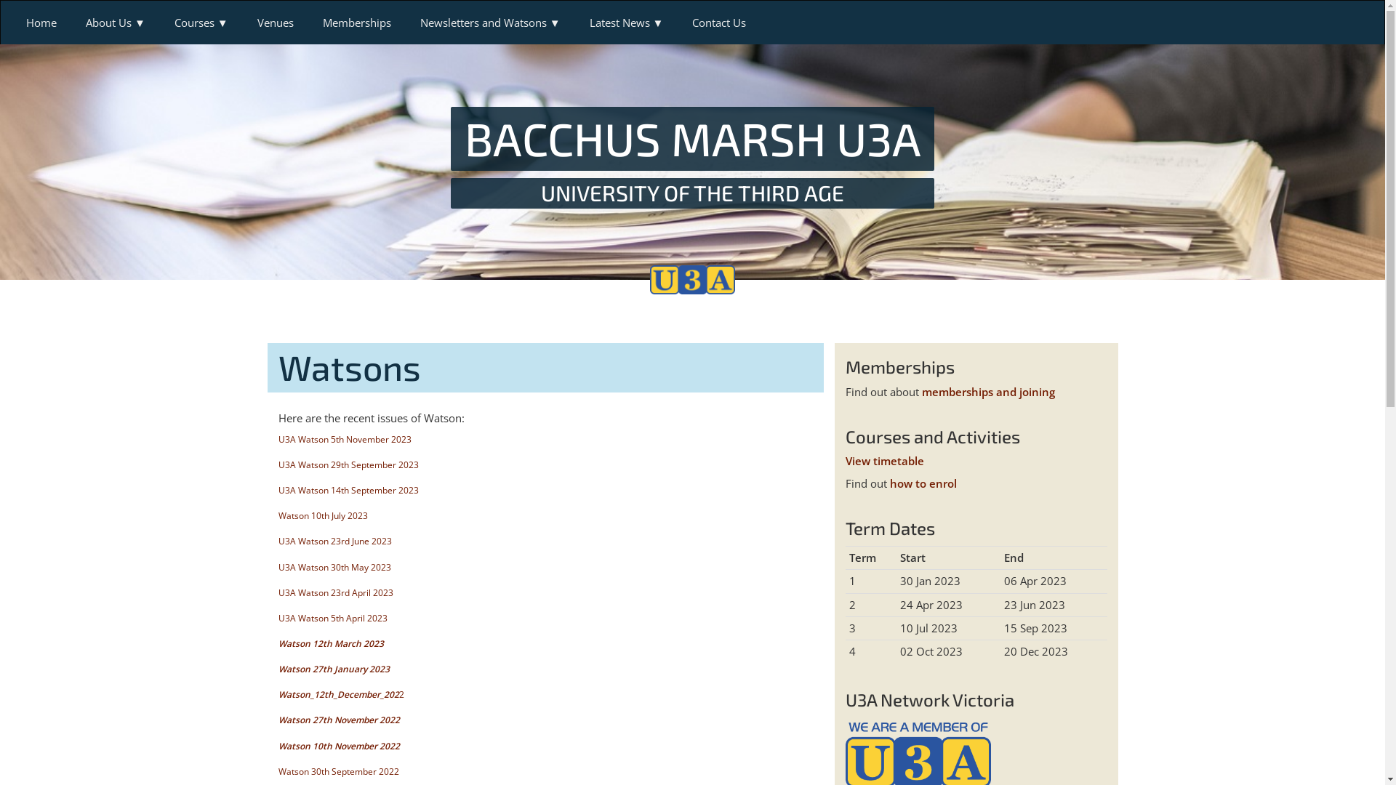 The image size is (1396, 785). What do you see at coordinates (278, 746) in the screenshot?
I see `'Watson 10th November 2022'` at bounding box center [278, 746].